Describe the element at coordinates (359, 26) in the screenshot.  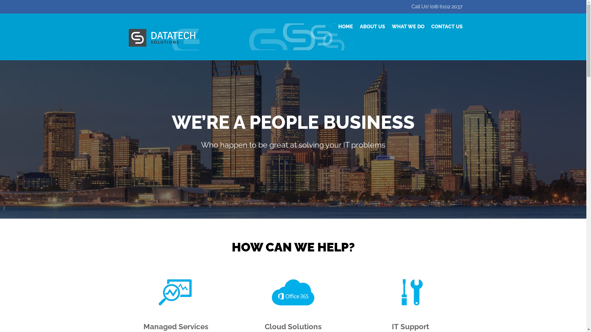
I see `'ABOUT US'` at that location.